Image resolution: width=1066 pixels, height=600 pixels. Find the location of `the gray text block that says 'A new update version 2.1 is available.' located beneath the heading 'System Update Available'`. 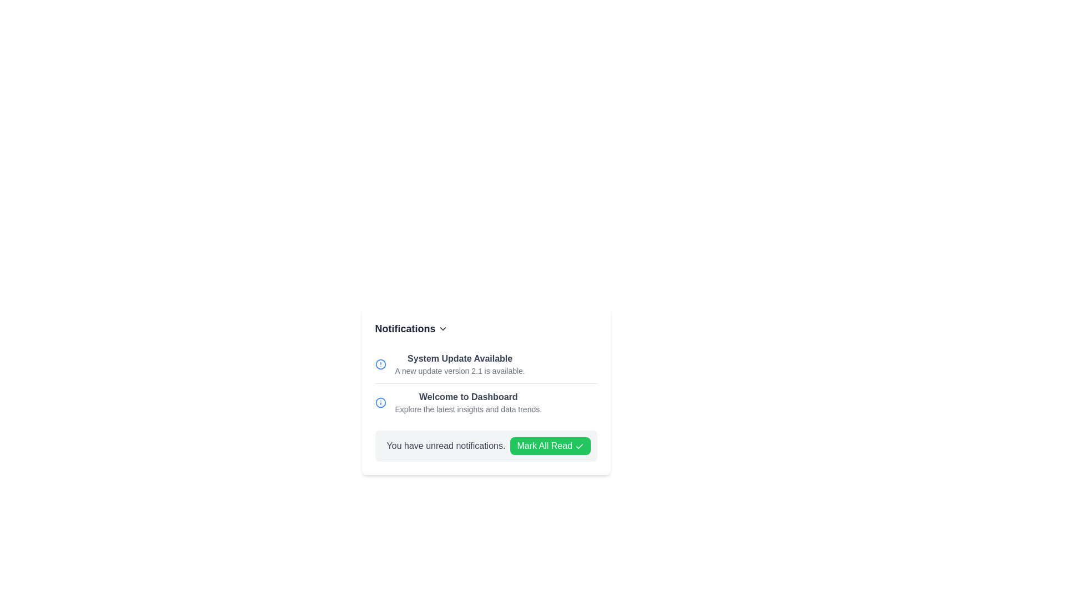

the gray text block that says 'A new update version 2.1 is available.' located beneath the heading 'System Update Available' is located at coordinates (460, 371).